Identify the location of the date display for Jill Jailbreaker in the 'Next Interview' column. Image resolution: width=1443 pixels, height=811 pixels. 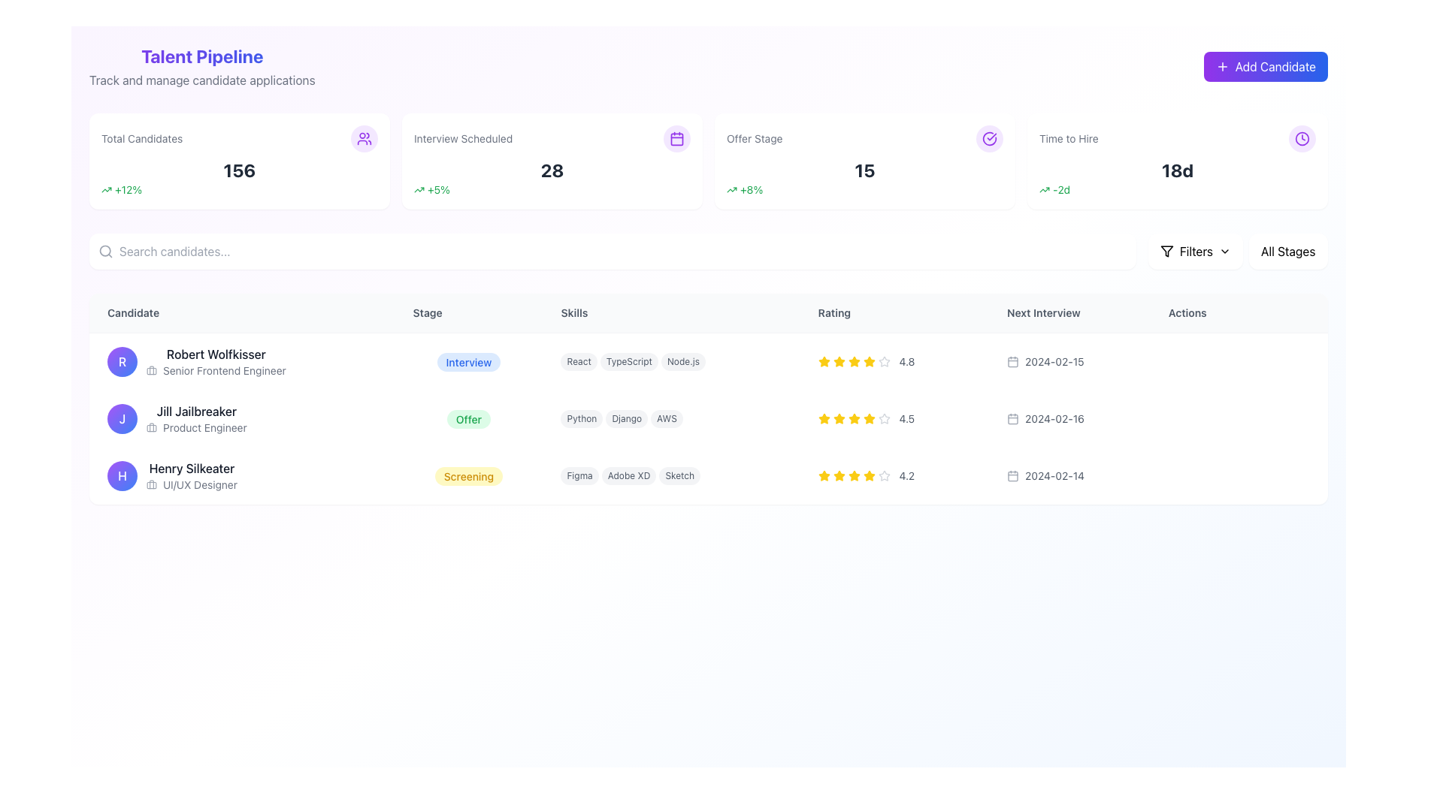
(1069, 419).